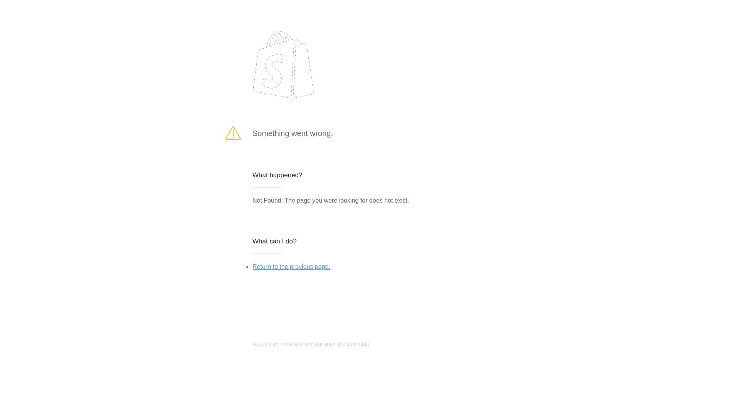 The height and width of the screenshot is (416, 740). What do you see at coordinates (252, 266) in the screenshot?
I see `'Return to the previous page.'` at bounding box center [252, 266].